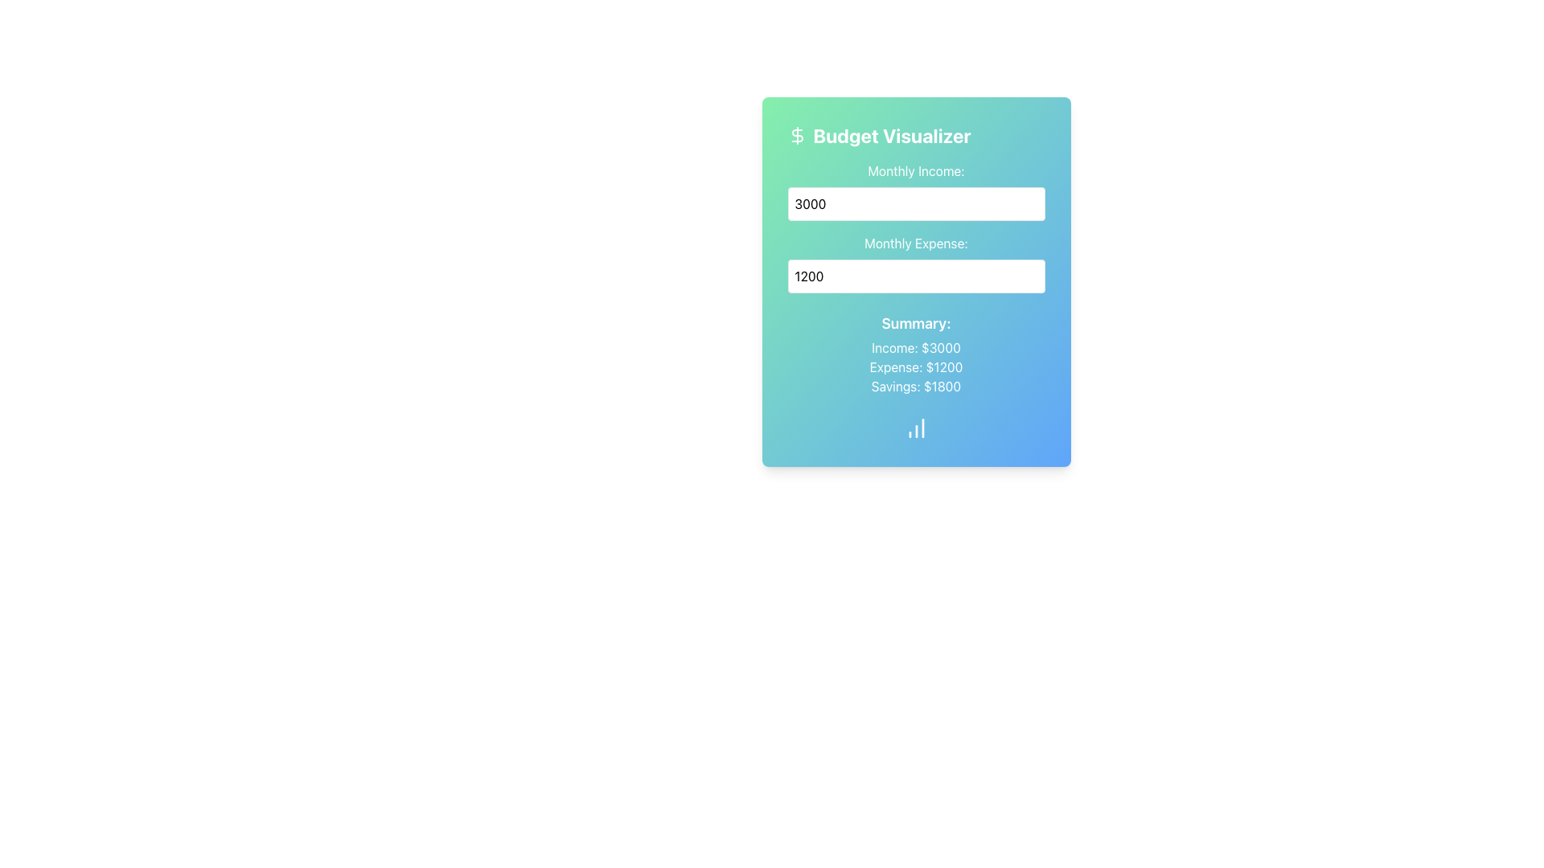 This screenshot has height=868, width=1544. I want to click on the compact bar chart icon located at the bottom of the 'Budget Visualizer' card, which features three white vertical bars against a gradient green to blue background, so click(916, 427).